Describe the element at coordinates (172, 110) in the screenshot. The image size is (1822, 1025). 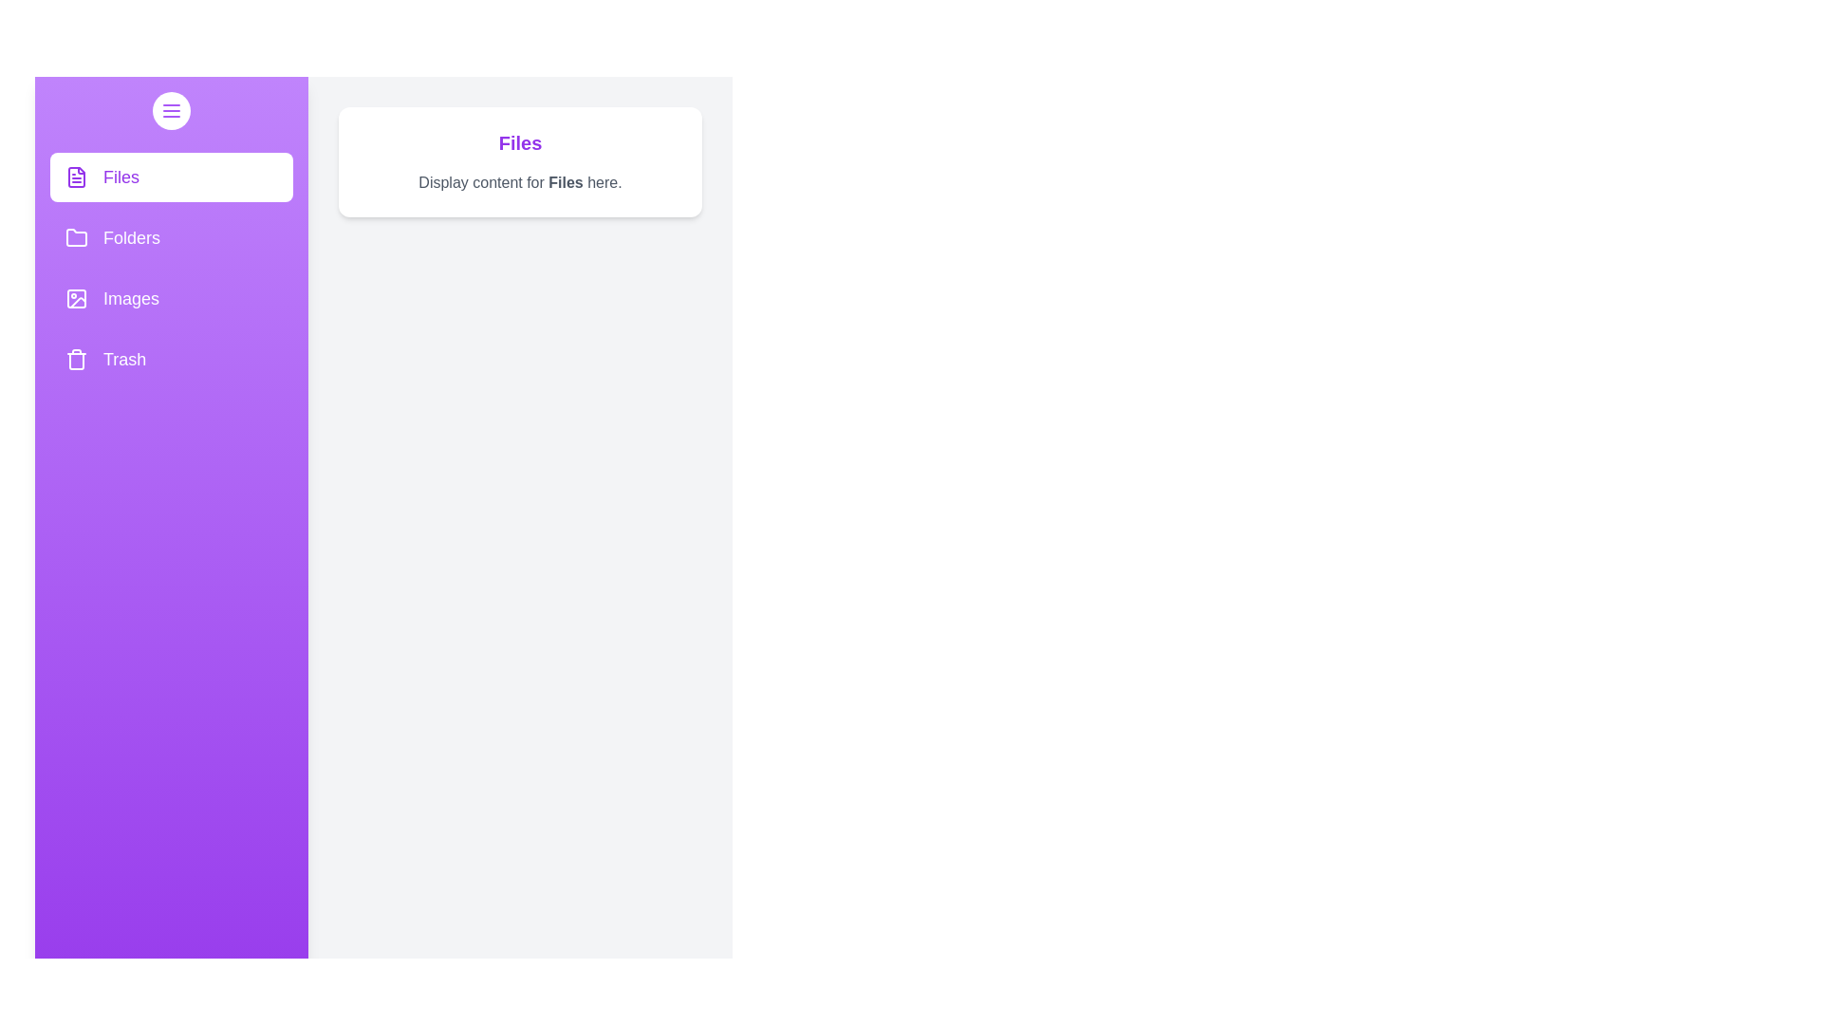
I see `toggle button to toggle the drawer open or close` at that location.